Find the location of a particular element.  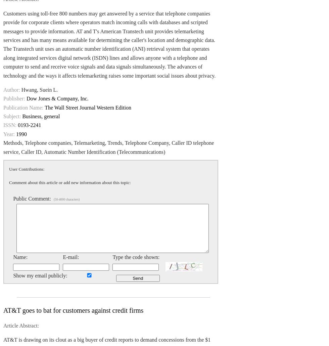

'Type the code shown:' is located at coordinates (136, 257).